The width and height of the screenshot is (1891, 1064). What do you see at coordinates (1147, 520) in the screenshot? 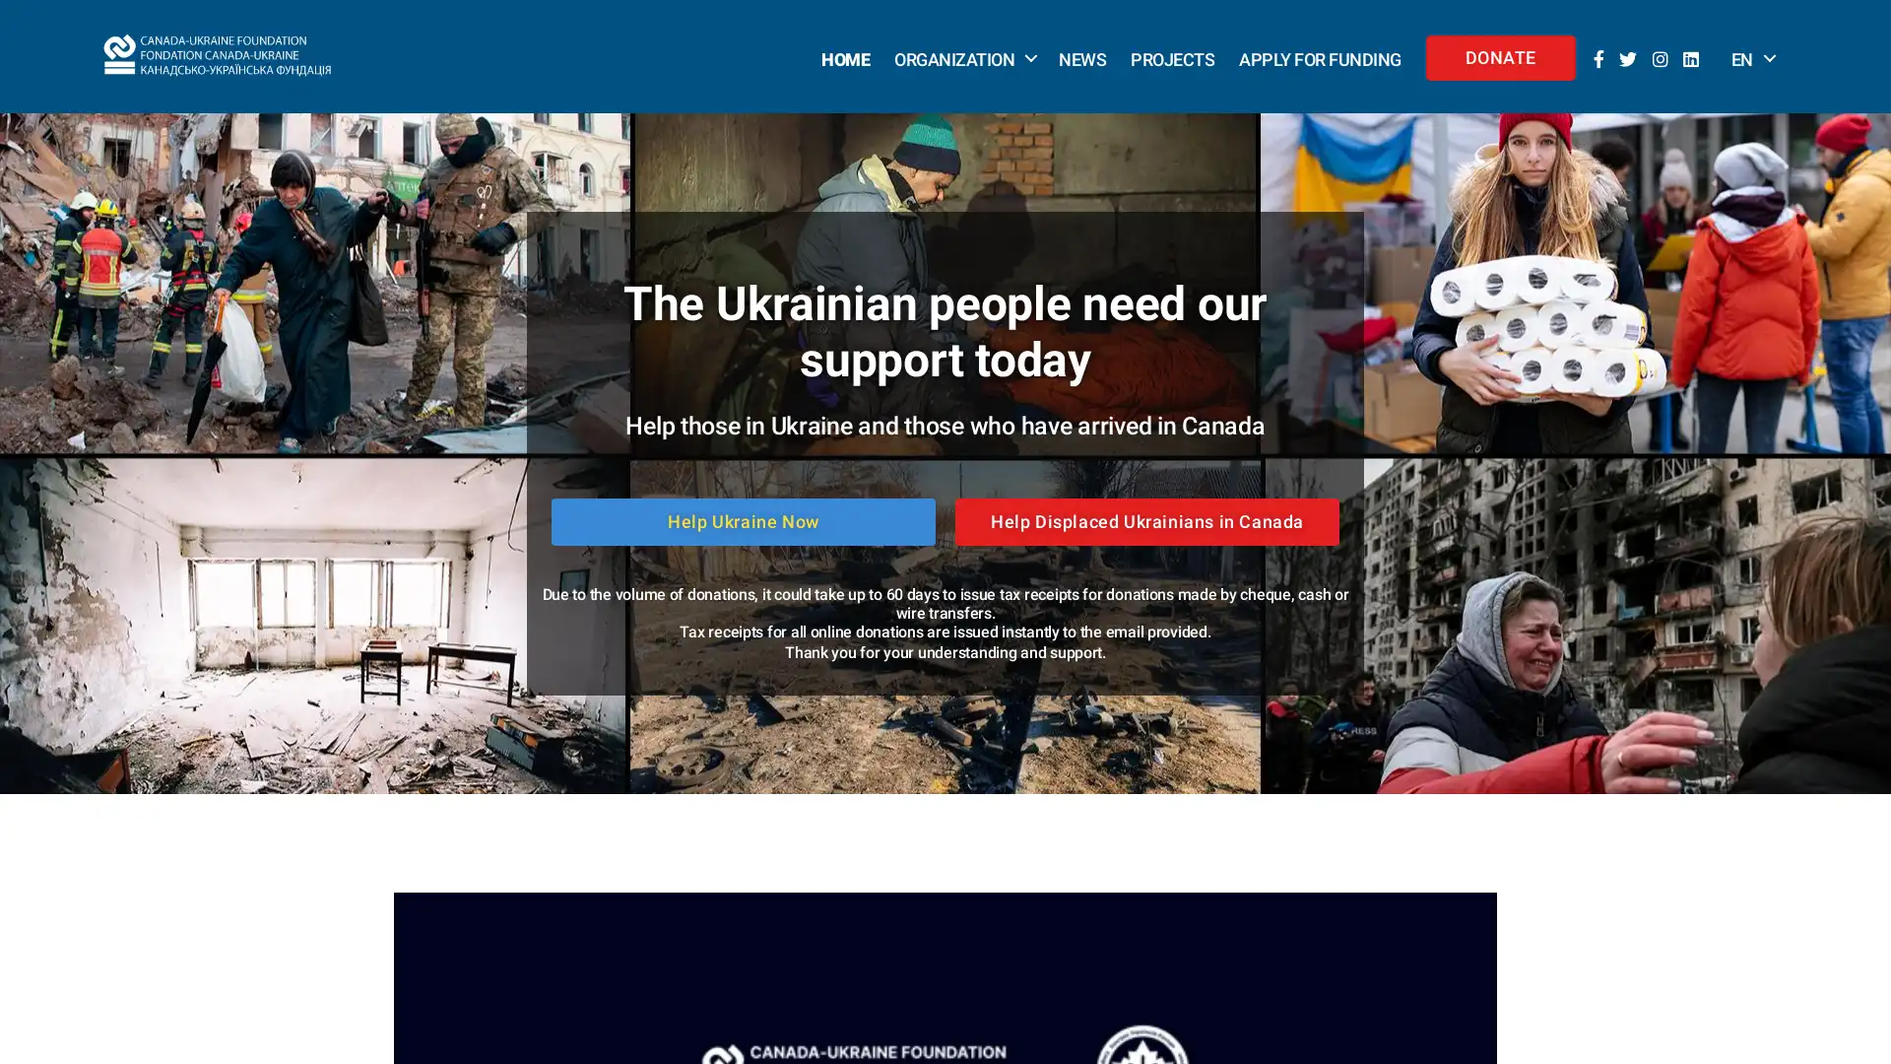
I see `Help Displaced Ukrainians in Canada` at bounding box center [1147, 520].